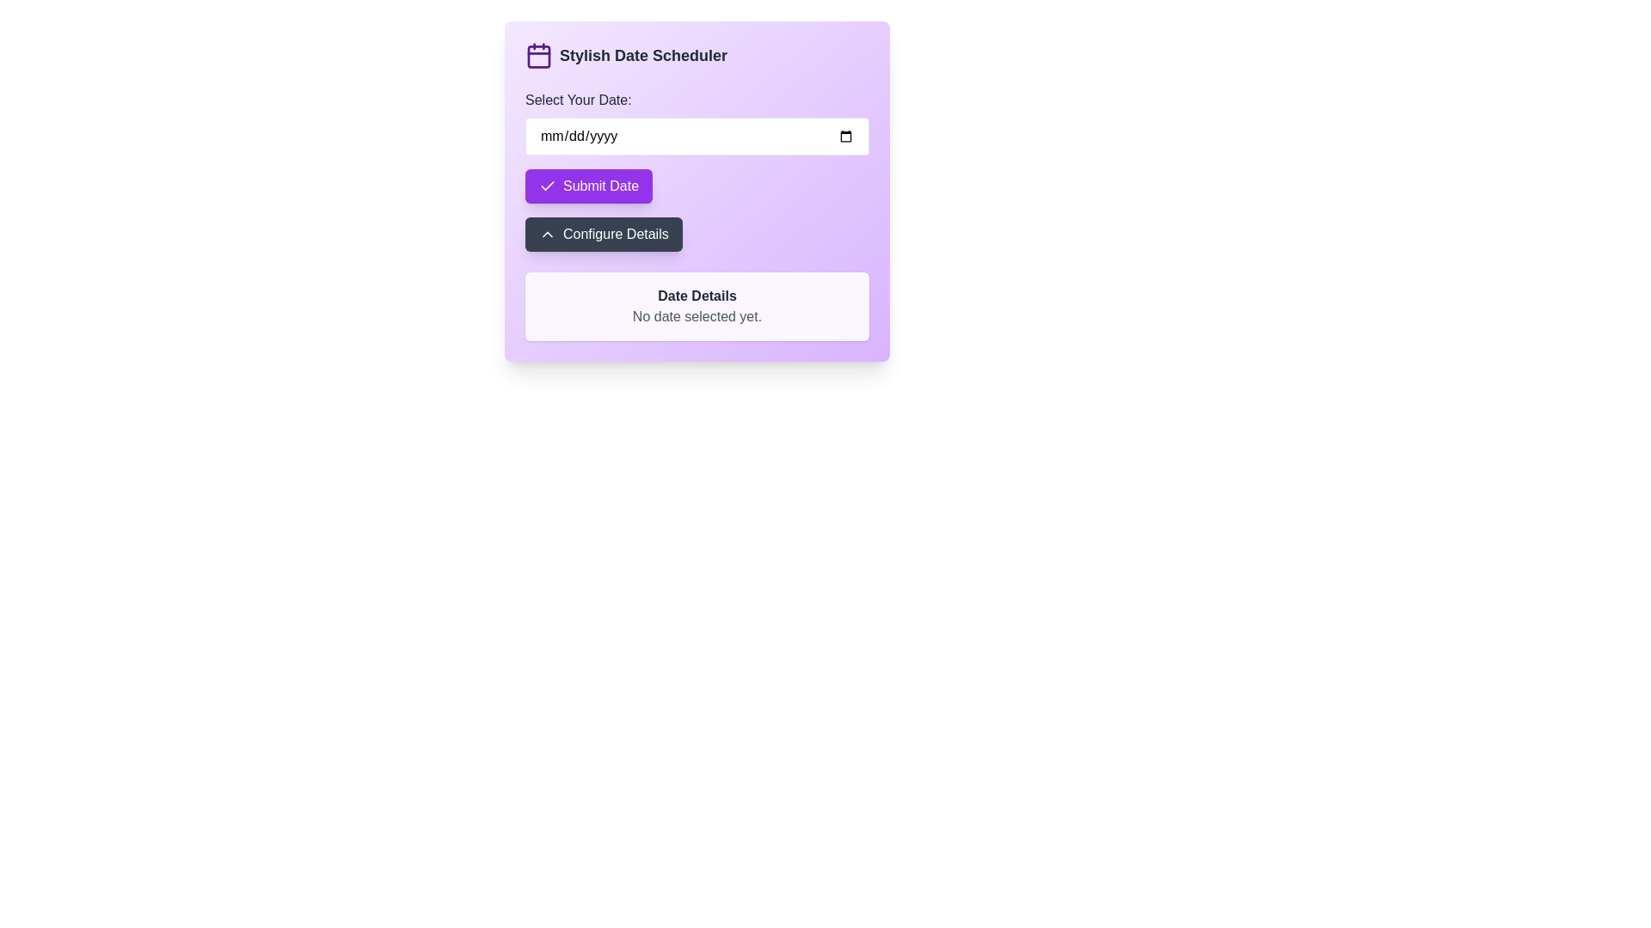 The width and height of the screenshot is (1651, 928). Describe the element at coordinates (578, 100) in the screenshot. I see `the 'Select Your Date:' label, which is a gray text label with medium font weight, positioned on a purple background in the scheduling interface` at that location.